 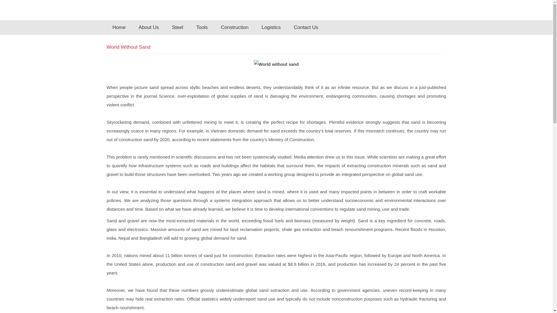 I want to click on 'Contact Us', so click(x=306, y=28).